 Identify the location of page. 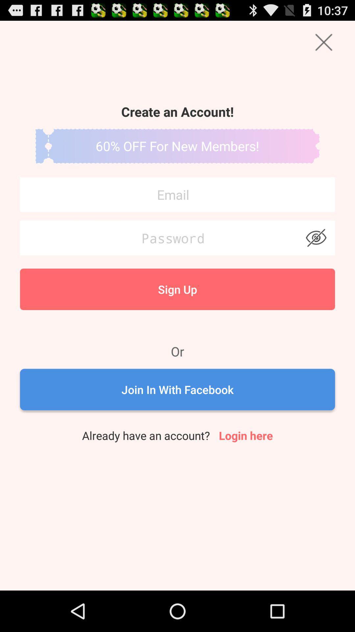
(323, 42).